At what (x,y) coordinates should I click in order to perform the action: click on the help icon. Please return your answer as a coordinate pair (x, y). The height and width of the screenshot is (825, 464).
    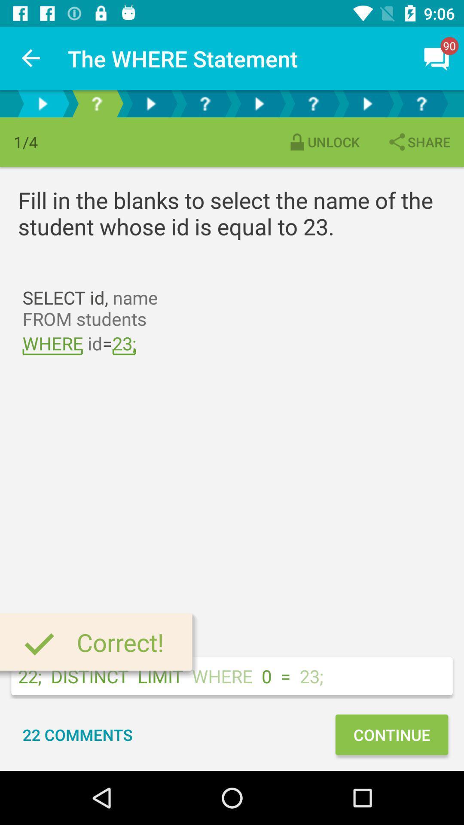
    Looking at the image, I should click on (96, 103).